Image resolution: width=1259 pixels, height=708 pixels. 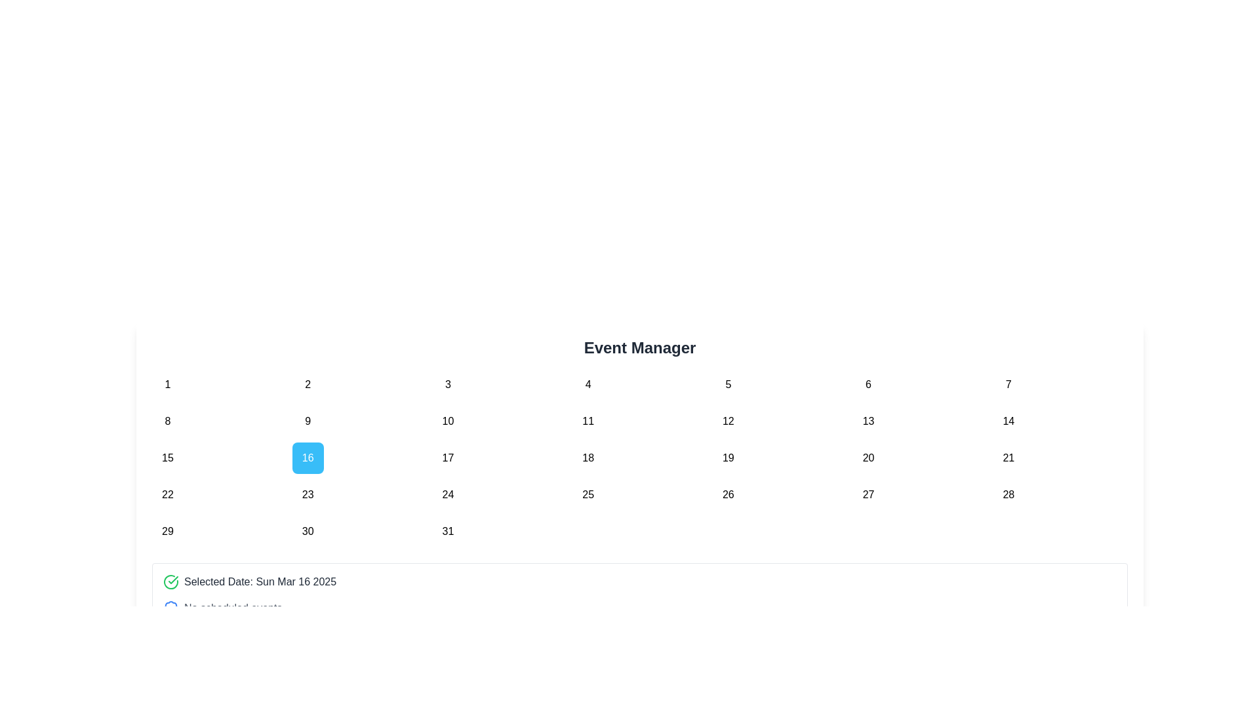 What do you see at coordinates (167, 383) in the screenshot?
I see `the circular button labeled '1'` at bounding box center [167, 383].